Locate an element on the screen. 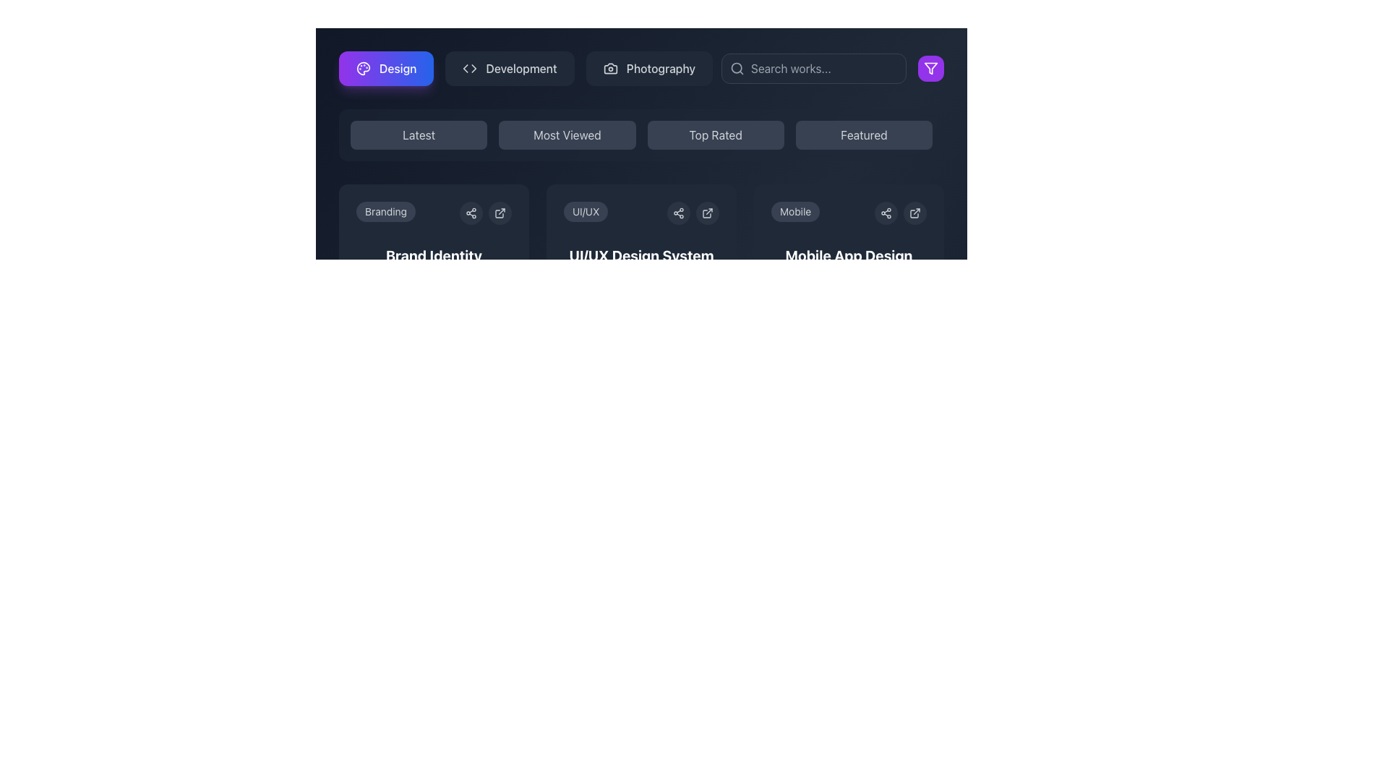  the 'Development' navigation button, which has rounded corners and a dark gray background is located at coordinates (525, 69).